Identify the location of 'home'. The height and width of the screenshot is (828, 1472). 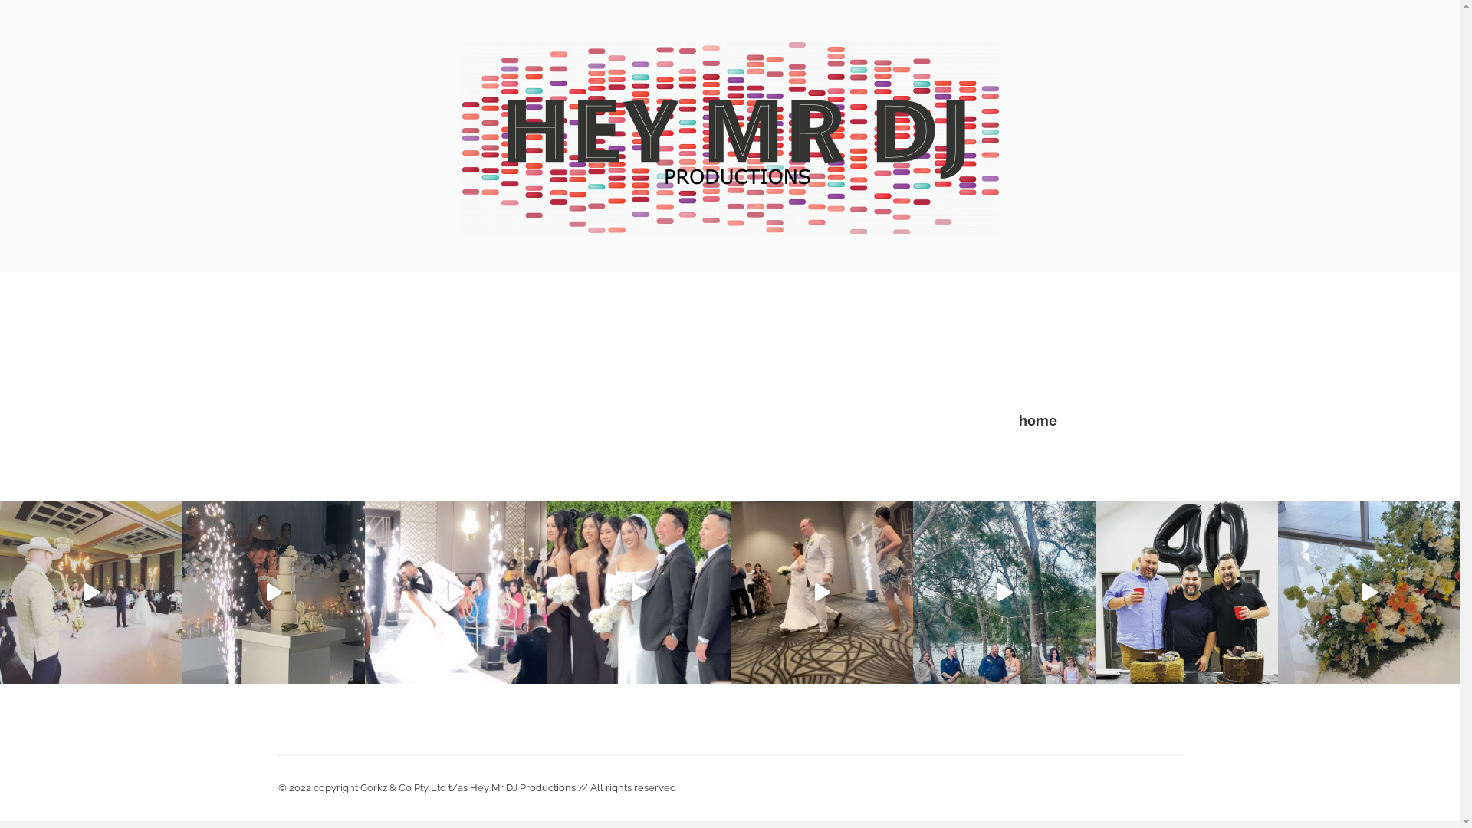
(1037, 420).